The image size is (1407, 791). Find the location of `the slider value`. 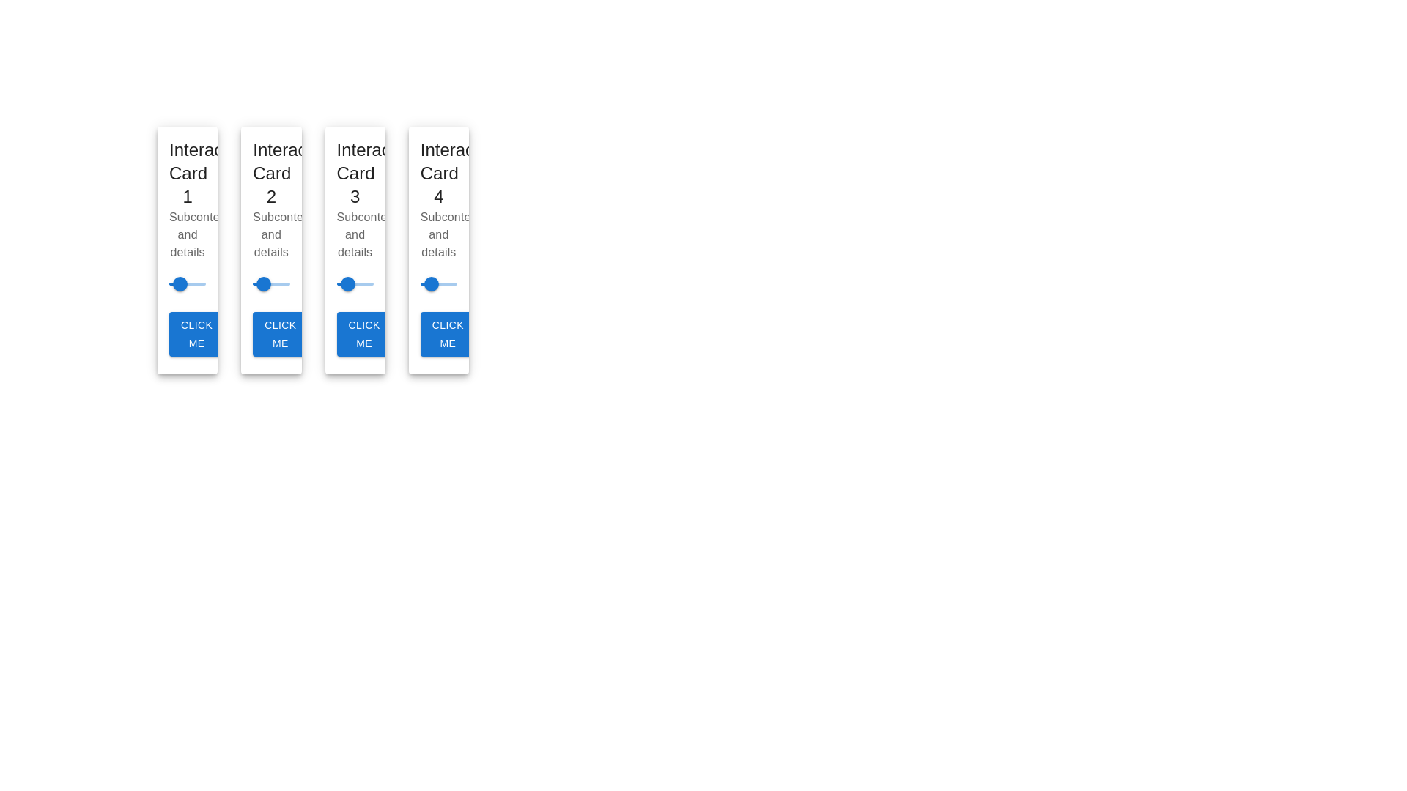

the slider value is located at coordinates (326, 284).